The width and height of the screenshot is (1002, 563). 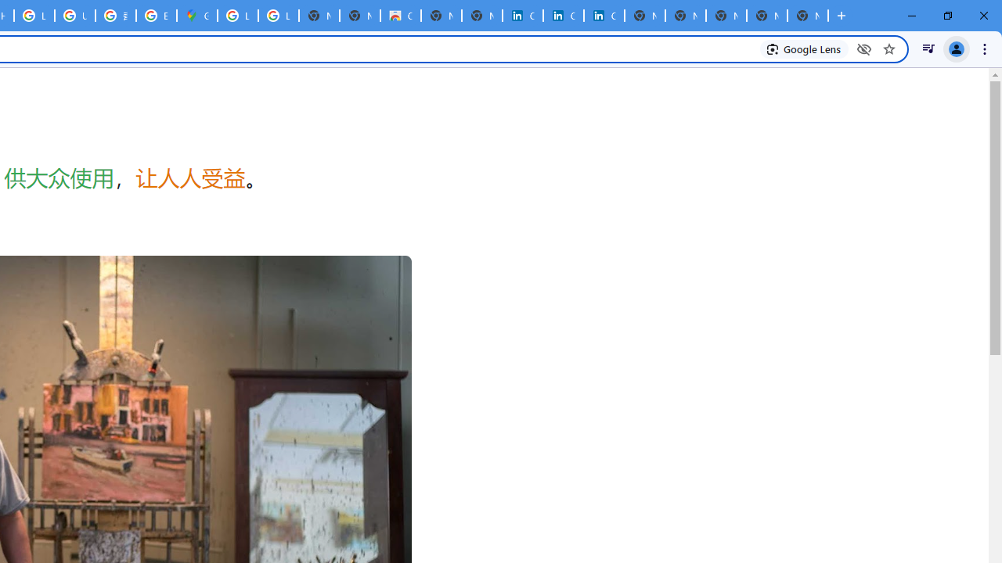 What do you see at coordinates (196, 16) in the screenshot?
I see `'Google Maps'` at bounding box center [196, 16].